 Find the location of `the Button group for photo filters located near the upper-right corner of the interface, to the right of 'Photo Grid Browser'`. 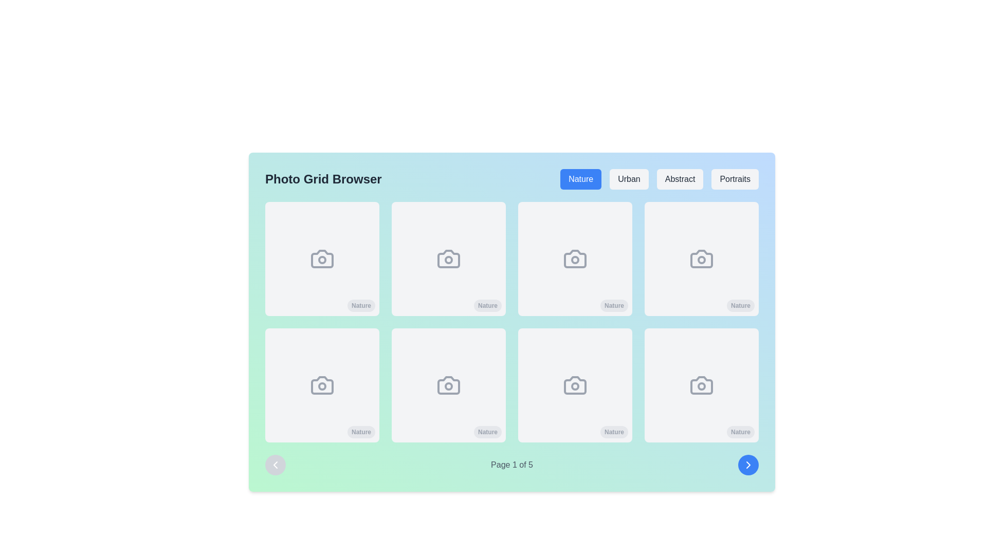

the Button group for photo filters located near the upper-right corner of the interface, to the right of 'Photo Grid Browser' is located at coordinates (660, 178).